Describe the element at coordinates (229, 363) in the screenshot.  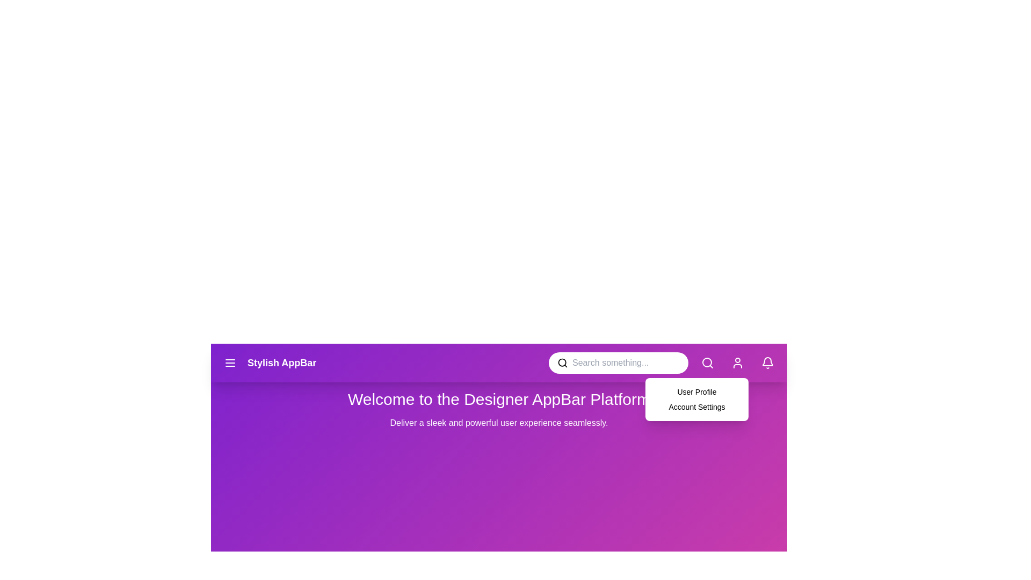
I see `the menu button located on the left side of the app bar` at that location.